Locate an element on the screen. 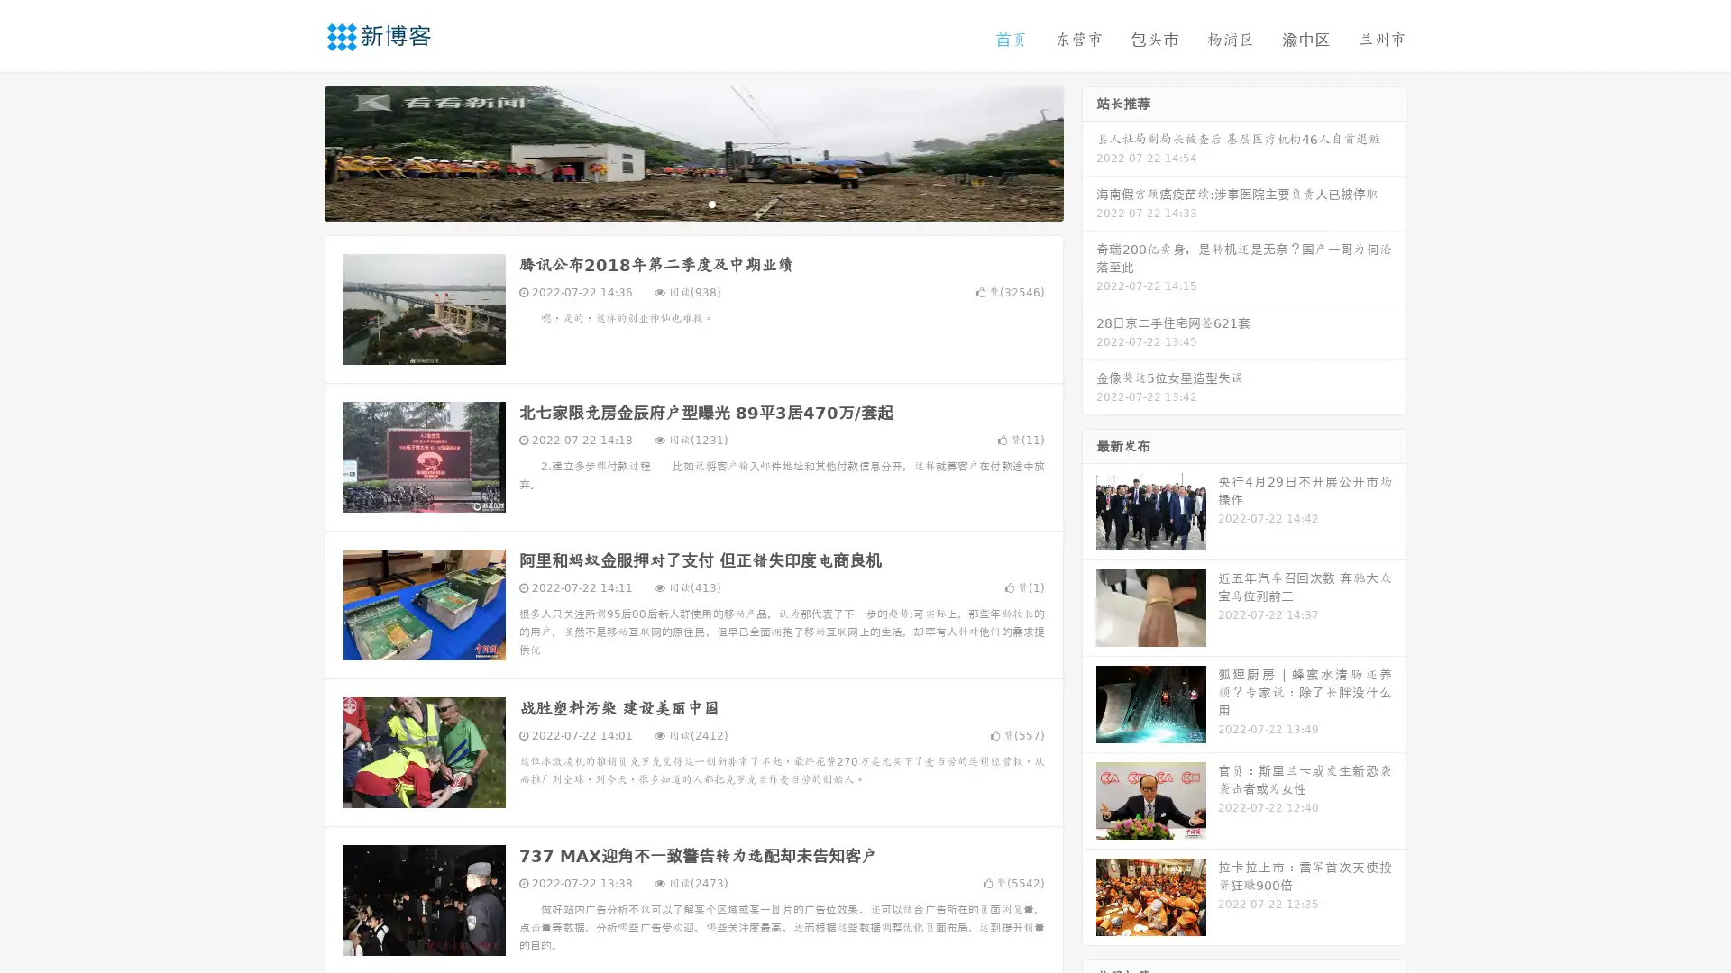  Go to slide 1 is located at coordinates (674, 203).